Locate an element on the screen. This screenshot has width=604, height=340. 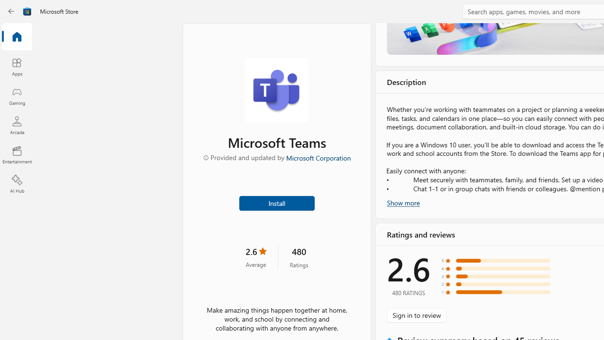
'Home' is located at coordinates (17, 37).